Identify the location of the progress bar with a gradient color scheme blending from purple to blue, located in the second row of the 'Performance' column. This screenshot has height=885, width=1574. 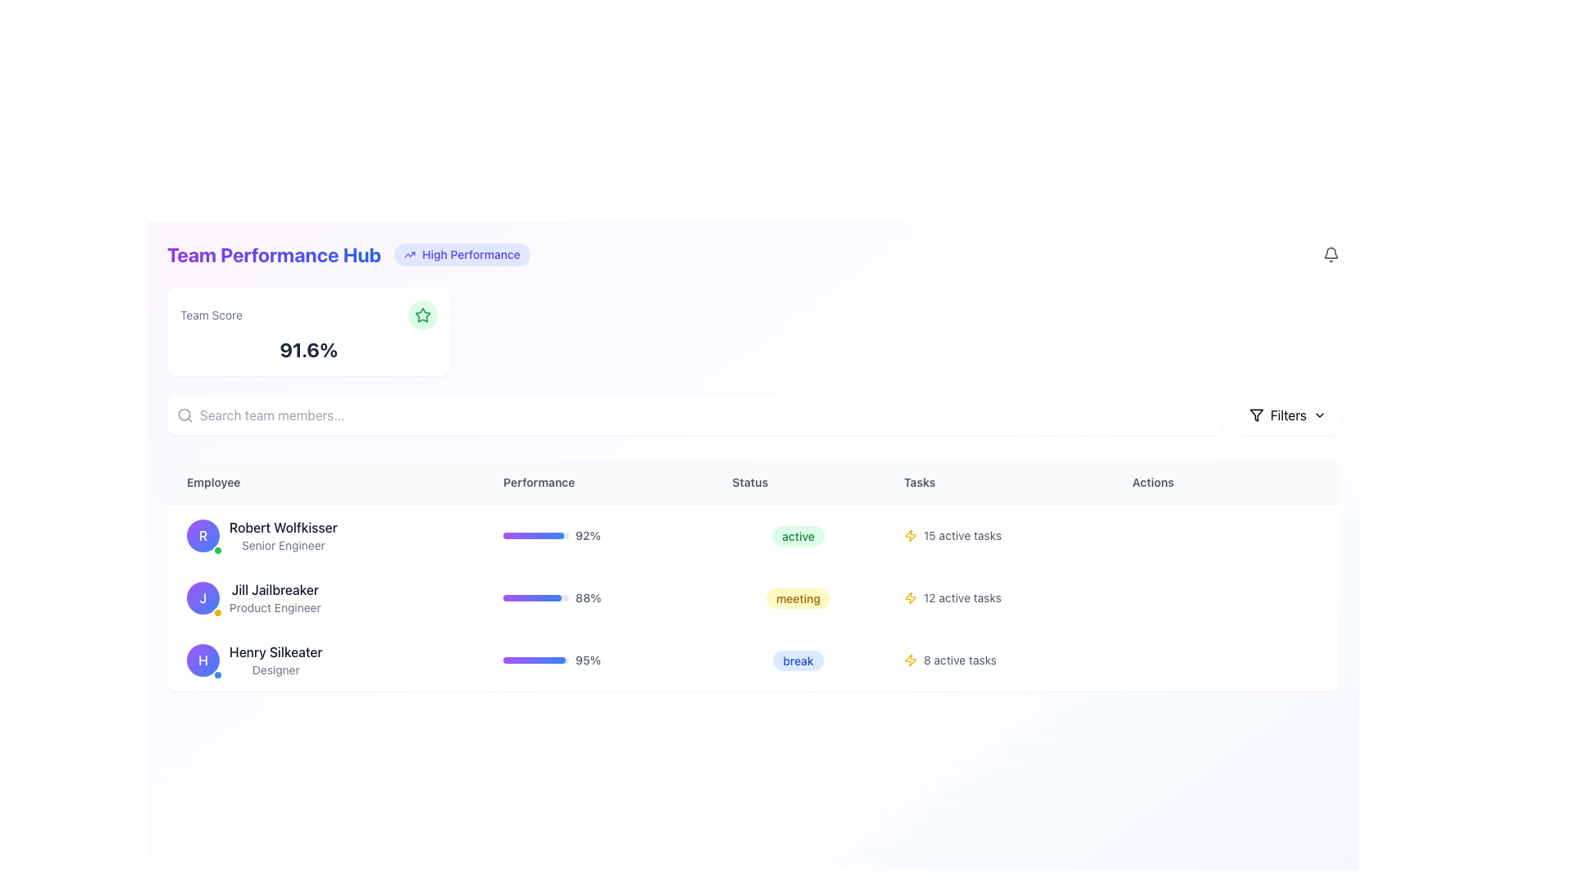
(532, 597).